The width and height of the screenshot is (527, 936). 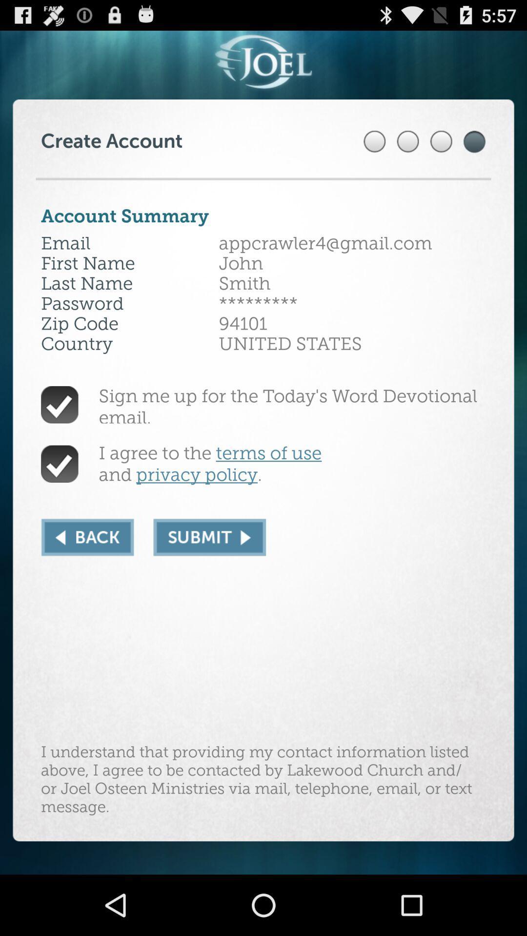 What do you see at coordinates (60, 463) in the screenshot?
I see `check to indicate agreement for app terms of usage` at bounding box center [60, 463].